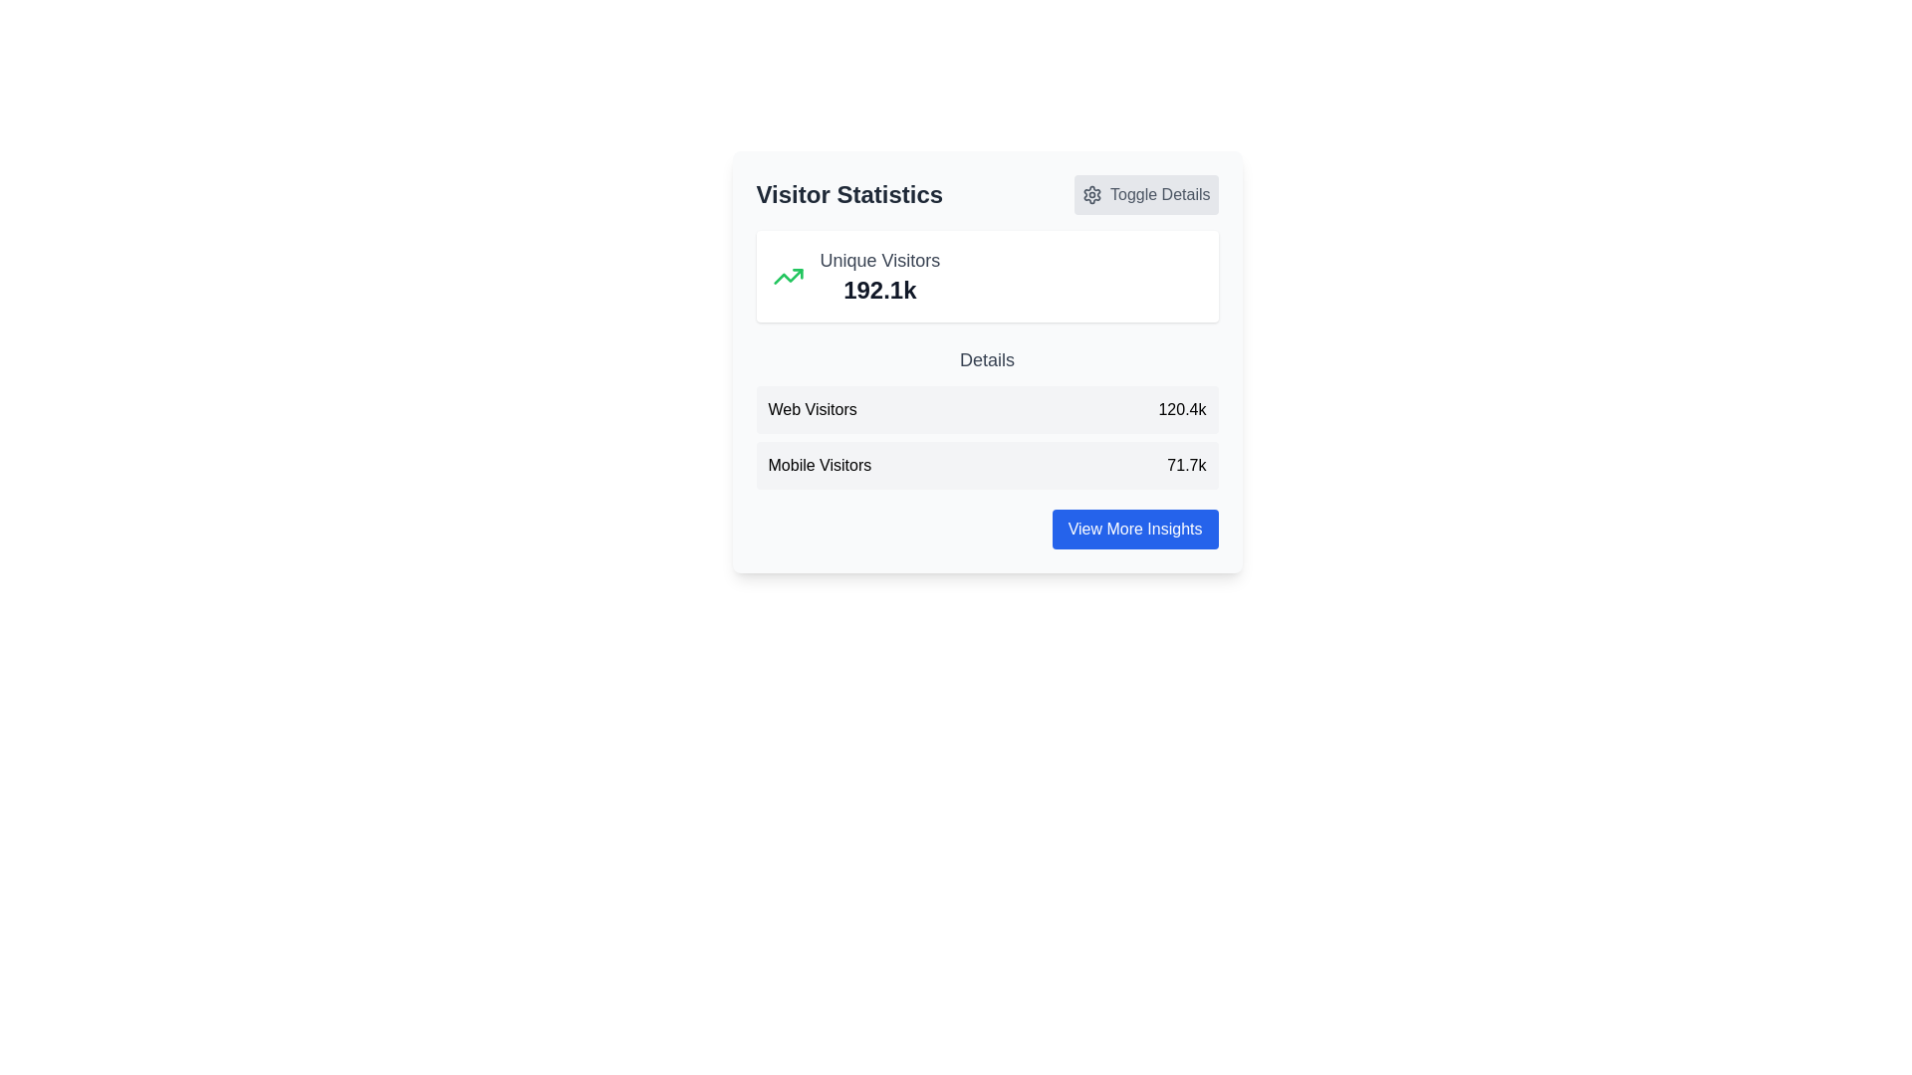  I want to click on the settings icon within the 'Toggle Details' button located in the top-right corner of the 'Visitor Statistics' card, so click(1091, 195).